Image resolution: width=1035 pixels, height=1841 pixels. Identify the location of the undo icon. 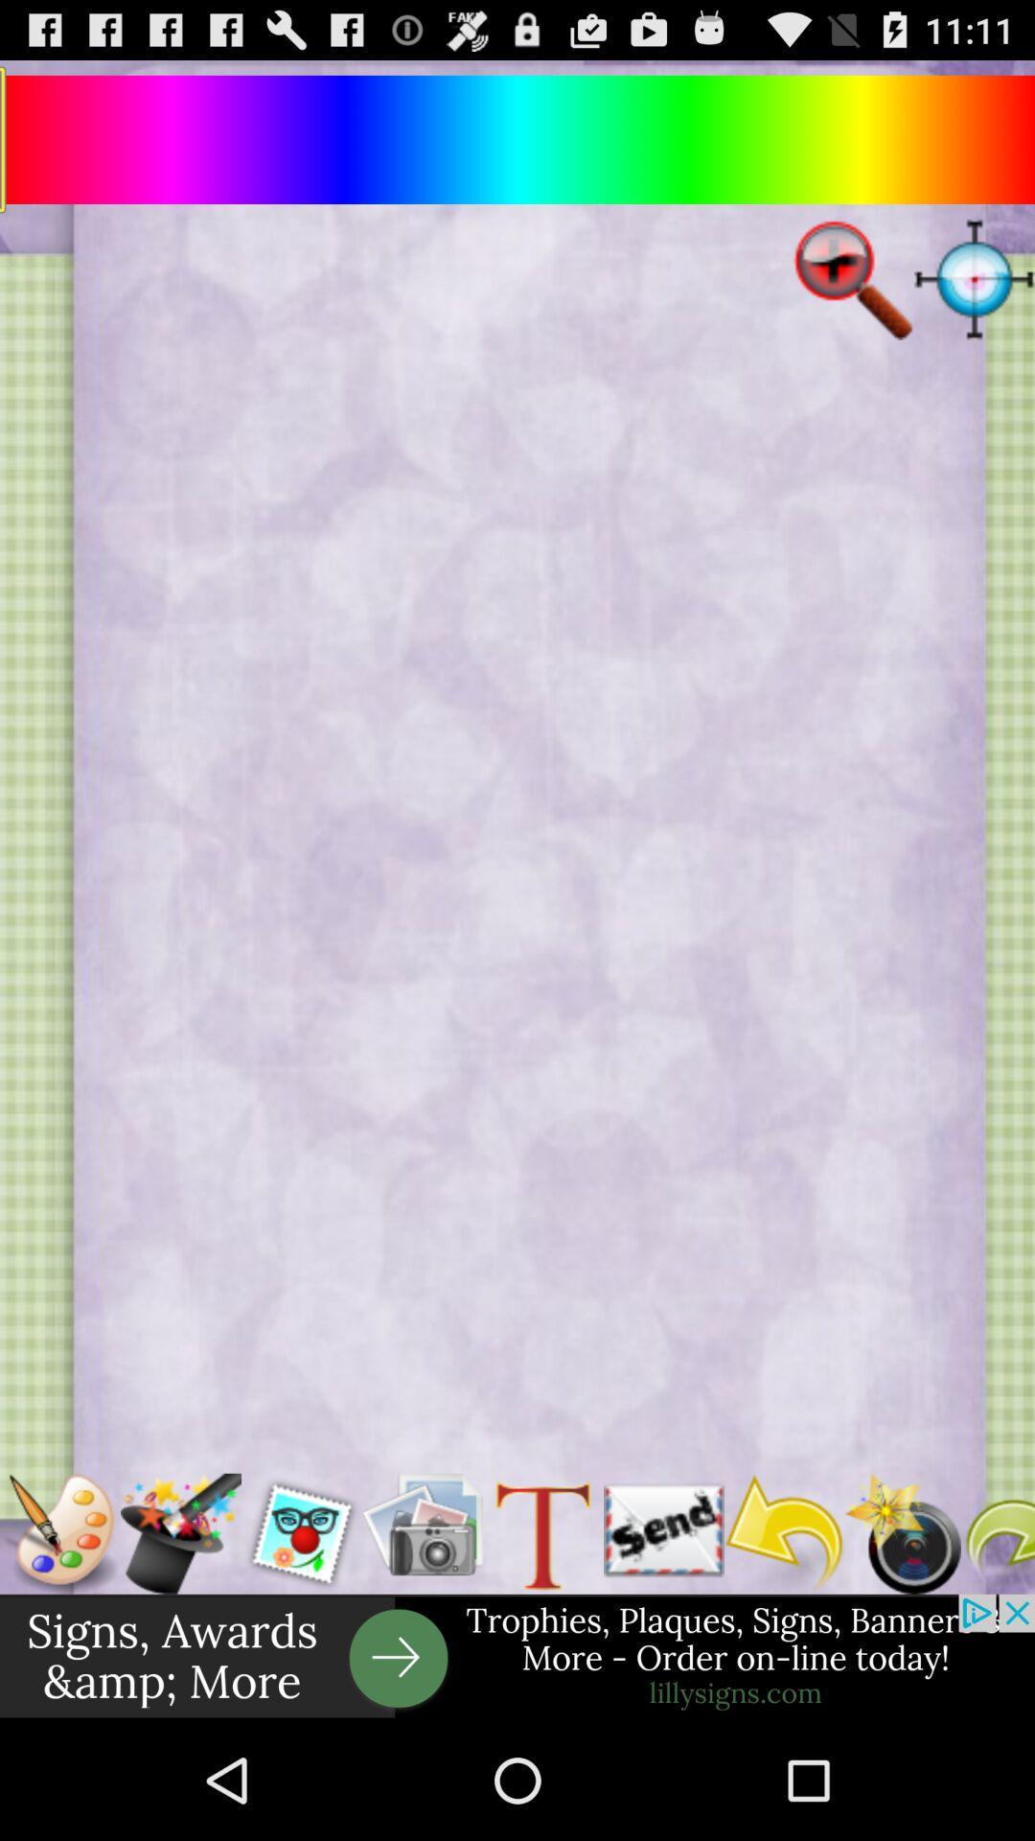
(784, 1641).